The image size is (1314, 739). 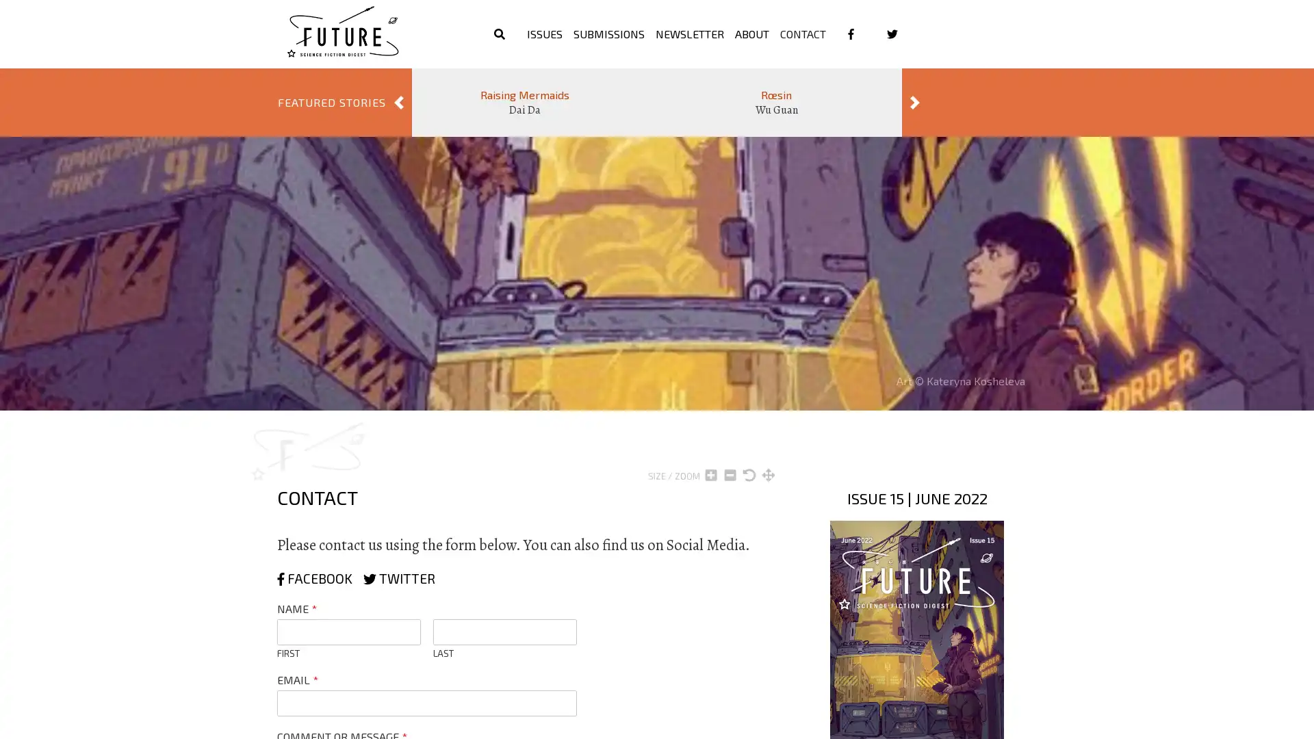 I want to click on Previous, so click(x=398, y=102).